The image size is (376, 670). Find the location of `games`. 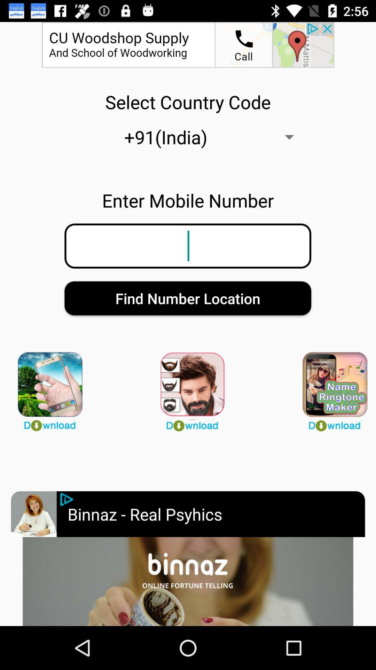

games is located at coordinates (330, 388).